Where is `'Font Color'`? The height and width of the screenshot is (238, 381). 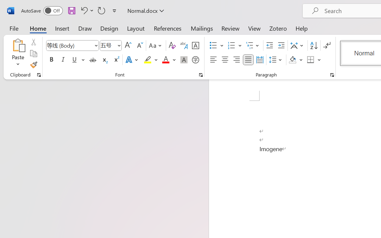
'Font Color' is located at coordinates (168, 60).